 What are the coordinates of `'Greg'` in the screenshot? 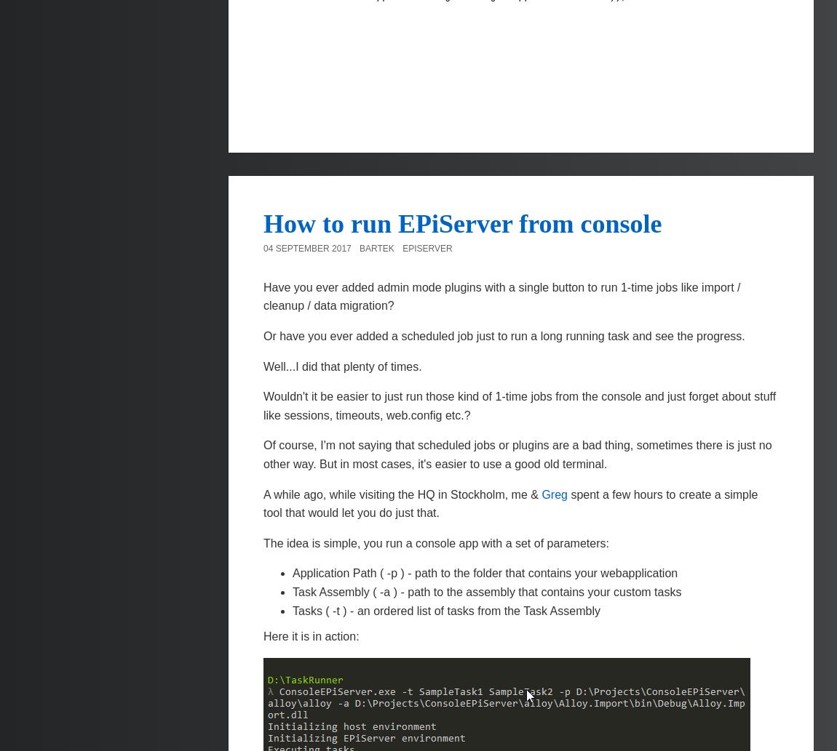 It's located at (553, 493).